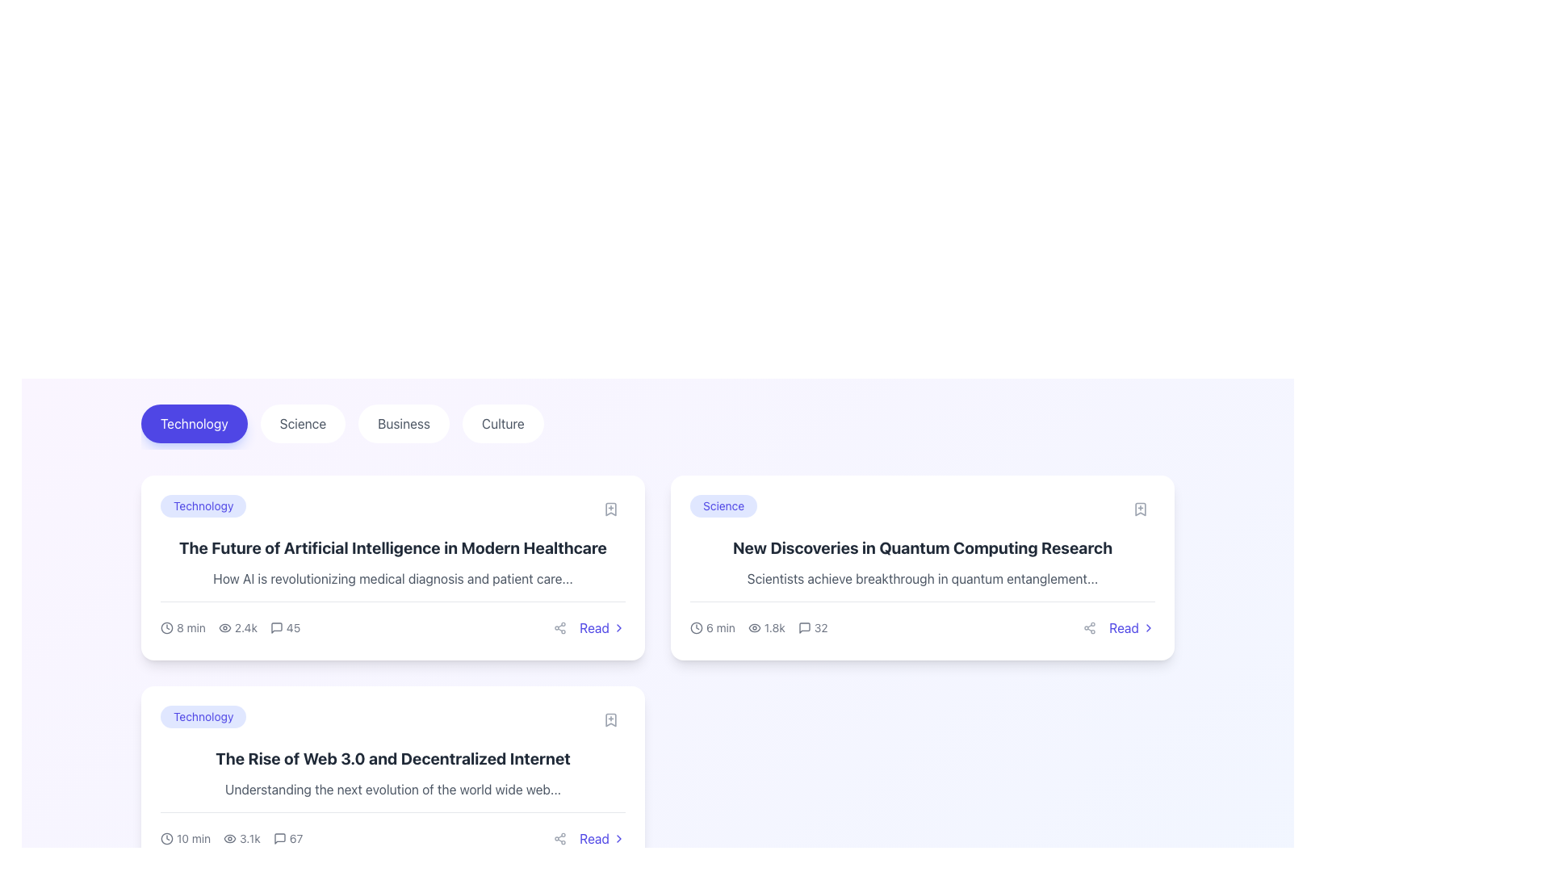  What do you see at coordinates (276, 627) in the screenshot?
I see `the comments icon representing interactions for the article 'The Future of Artificial Intelligence in Modern Healthcare'` at bounding box center [276, 627].